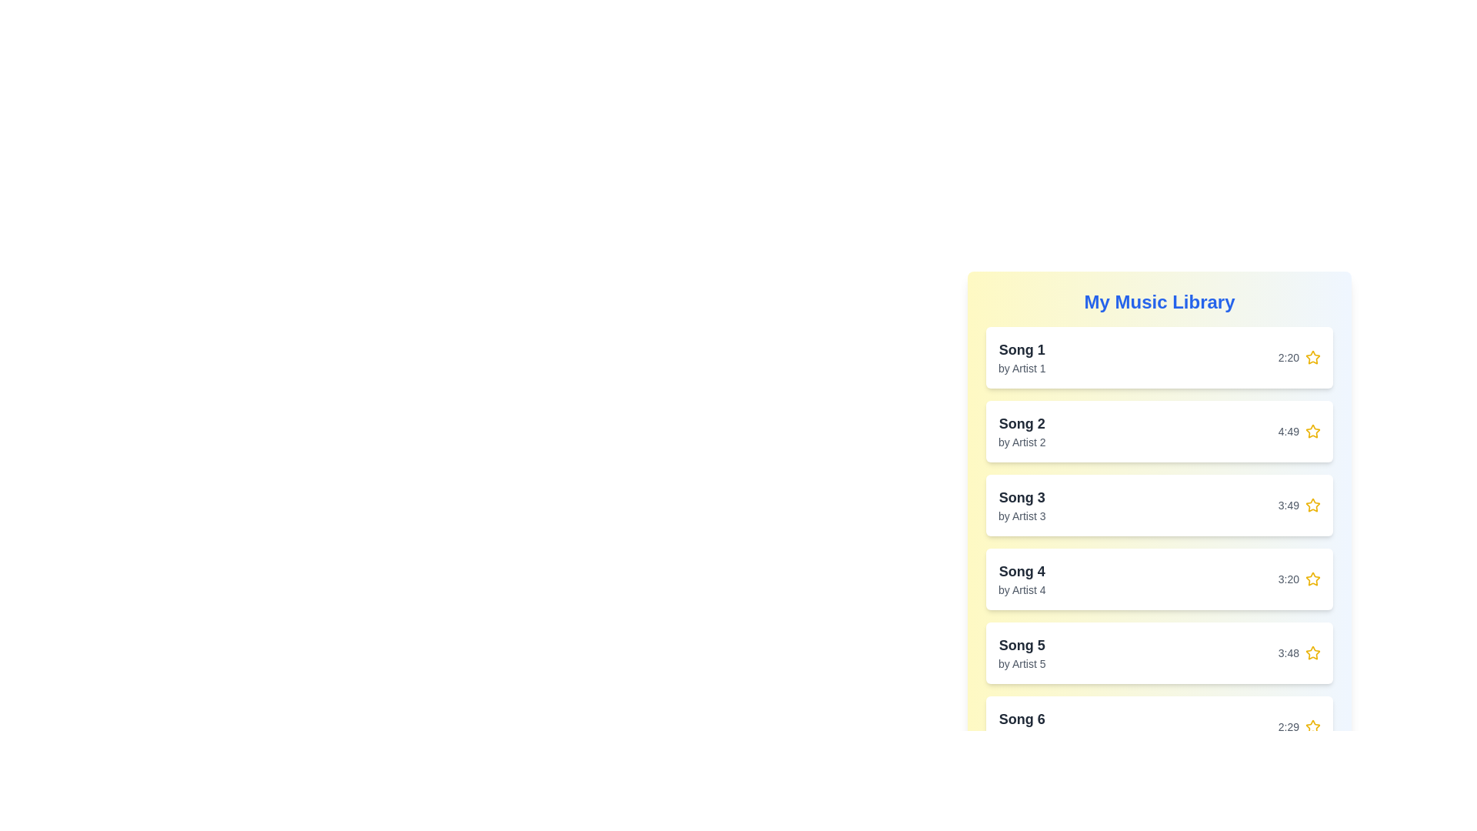 The width and height of the screenshot is (1477, 831). What do you see at coordinates (1289, 652) in the screenshot?
I see `the text label indicating the duration or runtime of 'Song 5', located in the right section of its entry within the music library list` at bounding box center [1289, 652].